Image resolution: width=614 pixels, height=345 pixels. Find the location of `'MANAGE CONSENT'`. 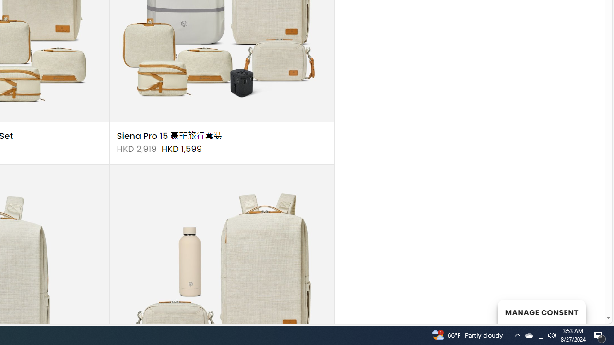

'MANAGE CONSENT' is located at coordinates (541, 311).